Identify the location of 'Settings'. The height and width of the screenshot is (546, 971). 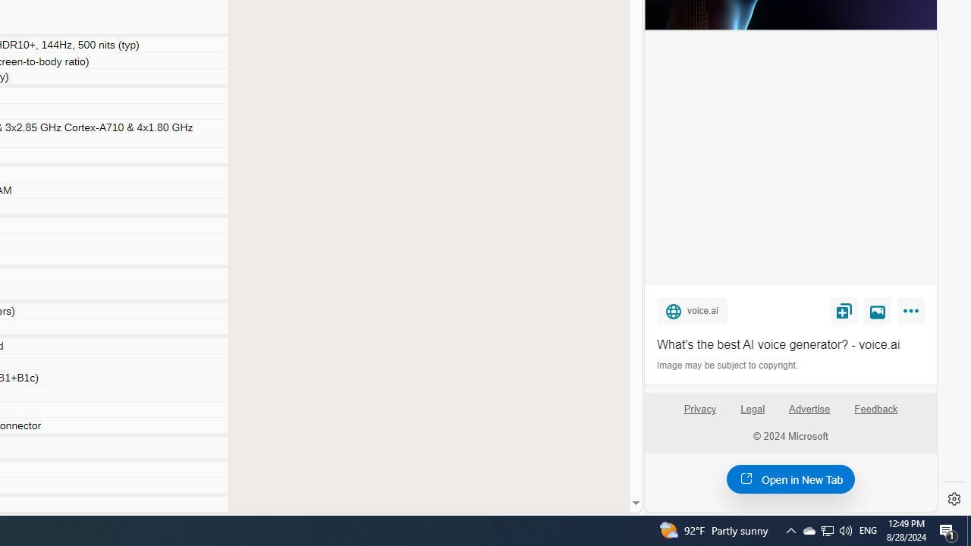
(954, 499).